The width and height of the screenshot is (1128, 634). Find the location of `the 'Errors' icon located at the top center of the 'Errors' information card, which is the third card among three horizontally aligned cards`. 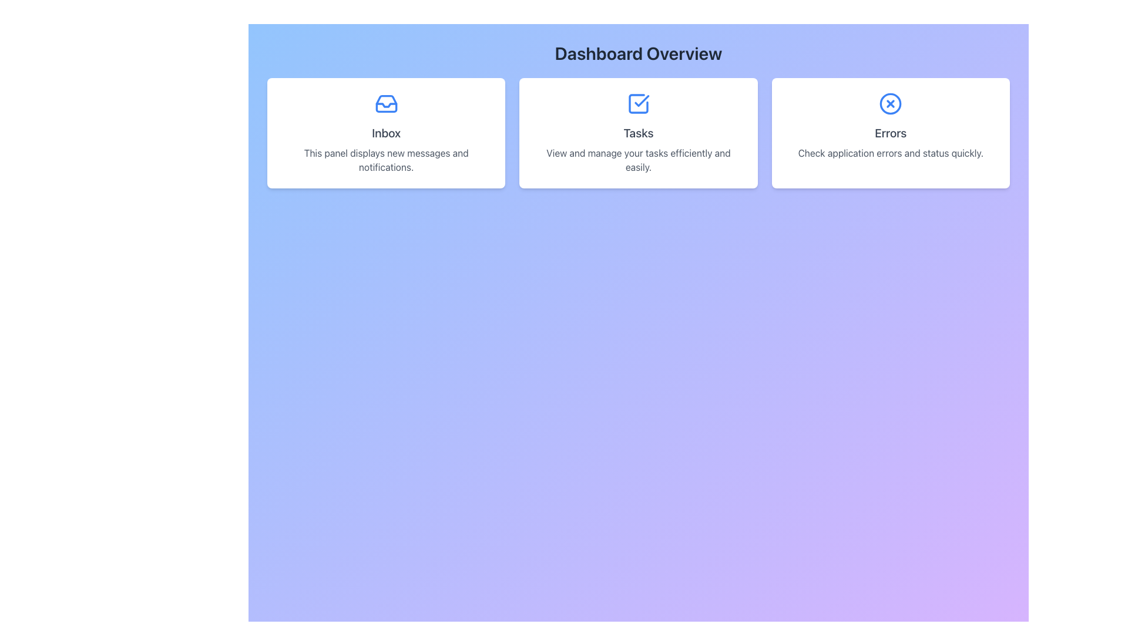

the 'Errors' icon located at the top center of the 'Errors' information card, which is the third card among three horizontally aligned cards is located at coordinates (891, 103).